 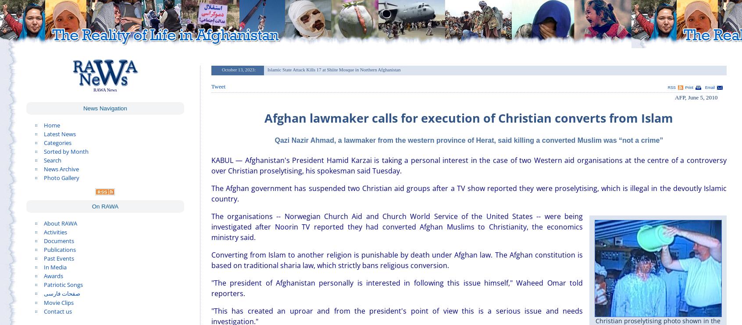 I want to click on 'Publications', so click(x=60, y=249).